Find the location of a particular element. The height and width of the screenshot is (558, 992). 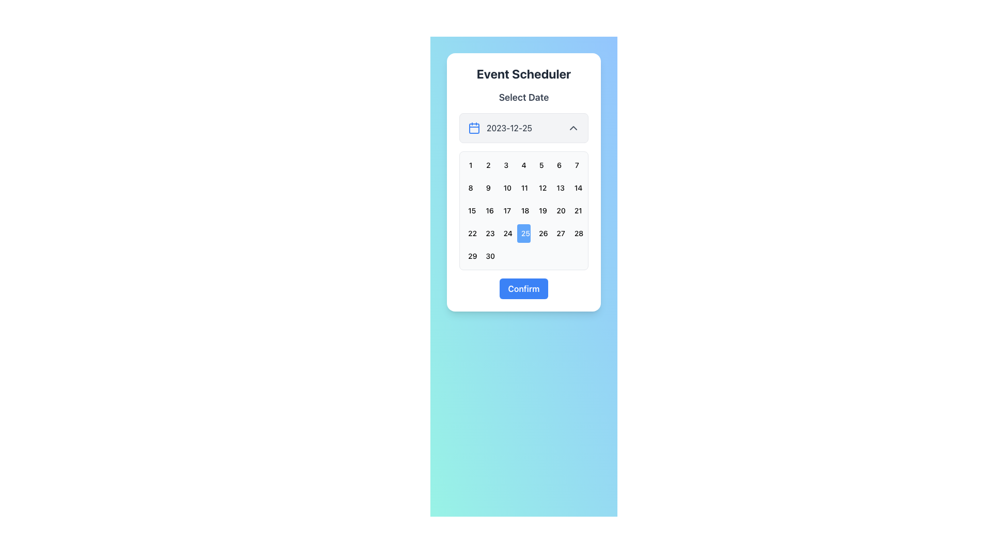

the date selection button for December 25, 2023, located in the last row, fourth column of the calendar grid is located at coordinates (523, 233).